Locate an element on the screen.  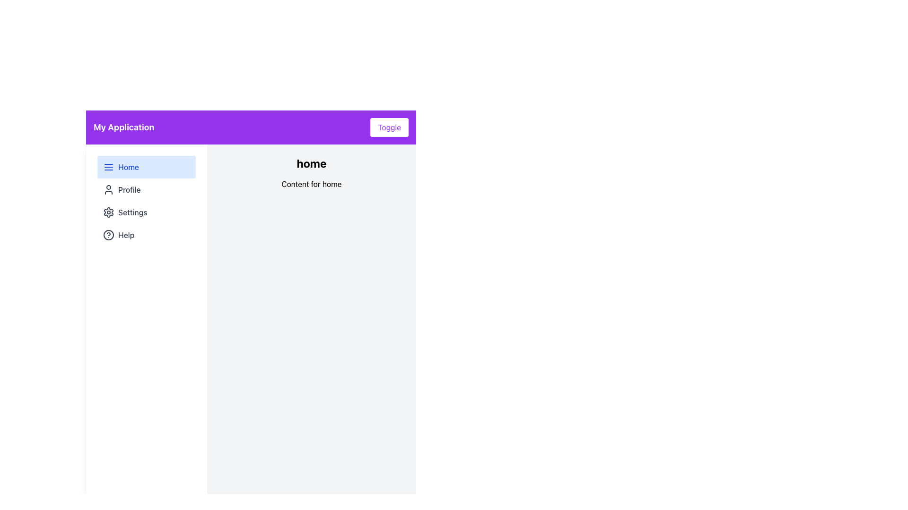
the Navigation Button located in the left navigation menu is located at coordinates (146, 189).